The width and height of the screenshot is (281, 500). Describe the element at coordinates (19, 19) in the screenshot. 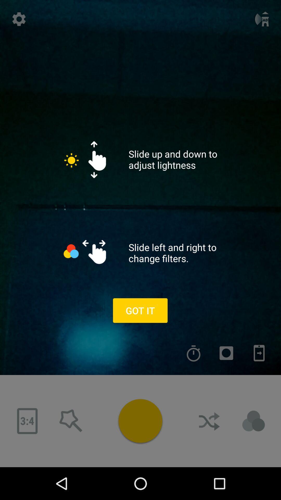

I see `the settings icon` at that location.